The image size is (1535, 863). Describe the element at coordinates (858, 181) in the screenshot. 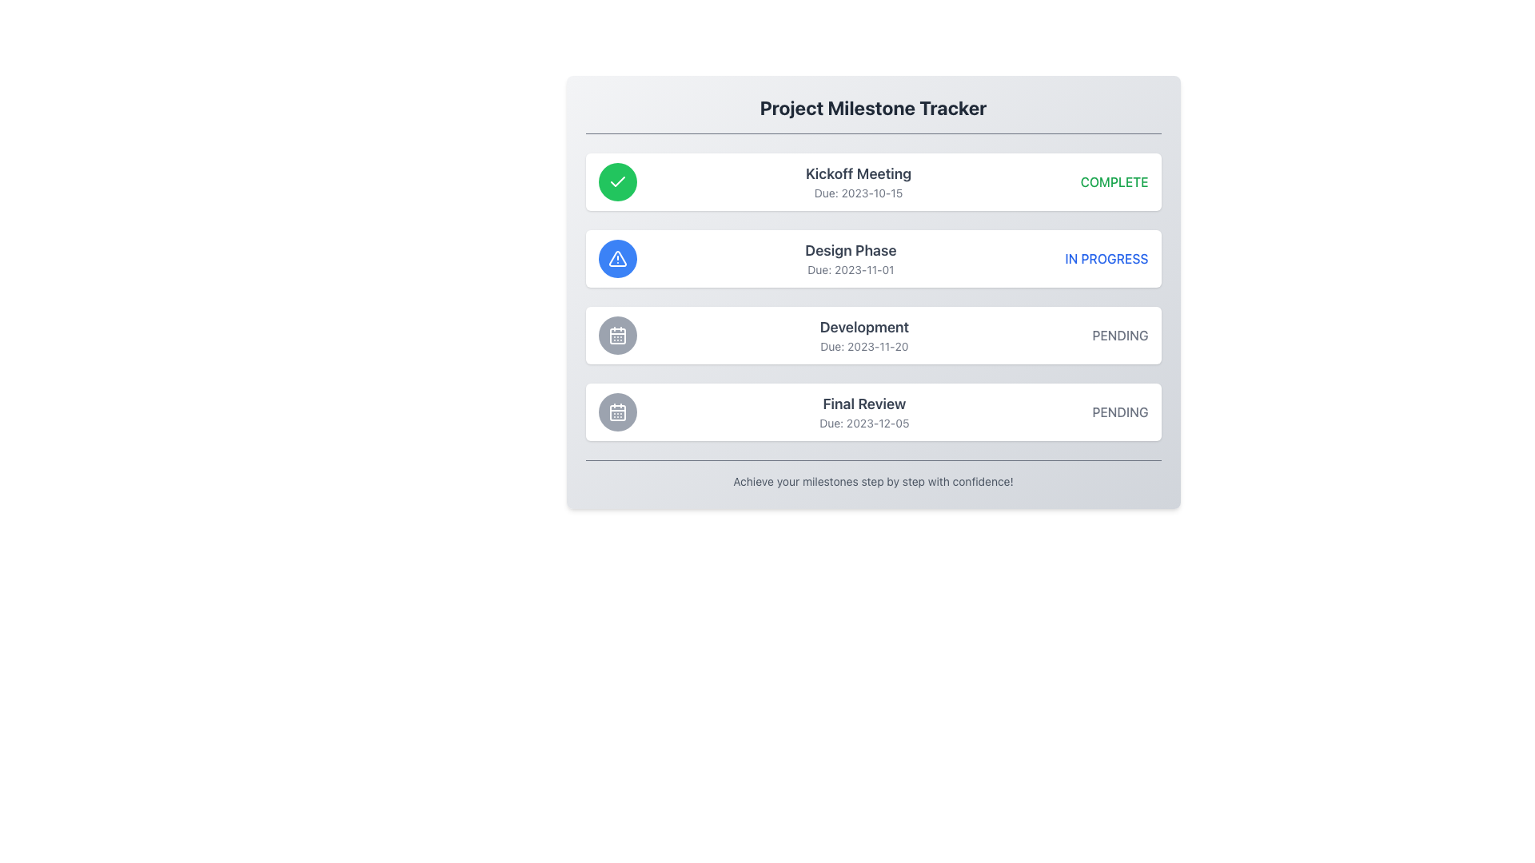

I see `the text label indicating the title and due date of the milestone task 'Kickoff Meeting' with due date '2023-10-15', located in the card-like structure near the top of the layout` at that location.